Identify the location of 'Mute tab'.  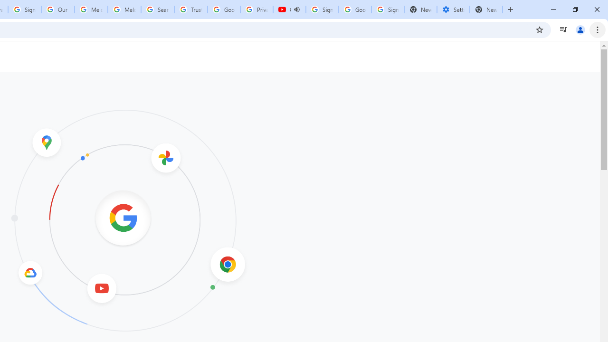
(296, 9).